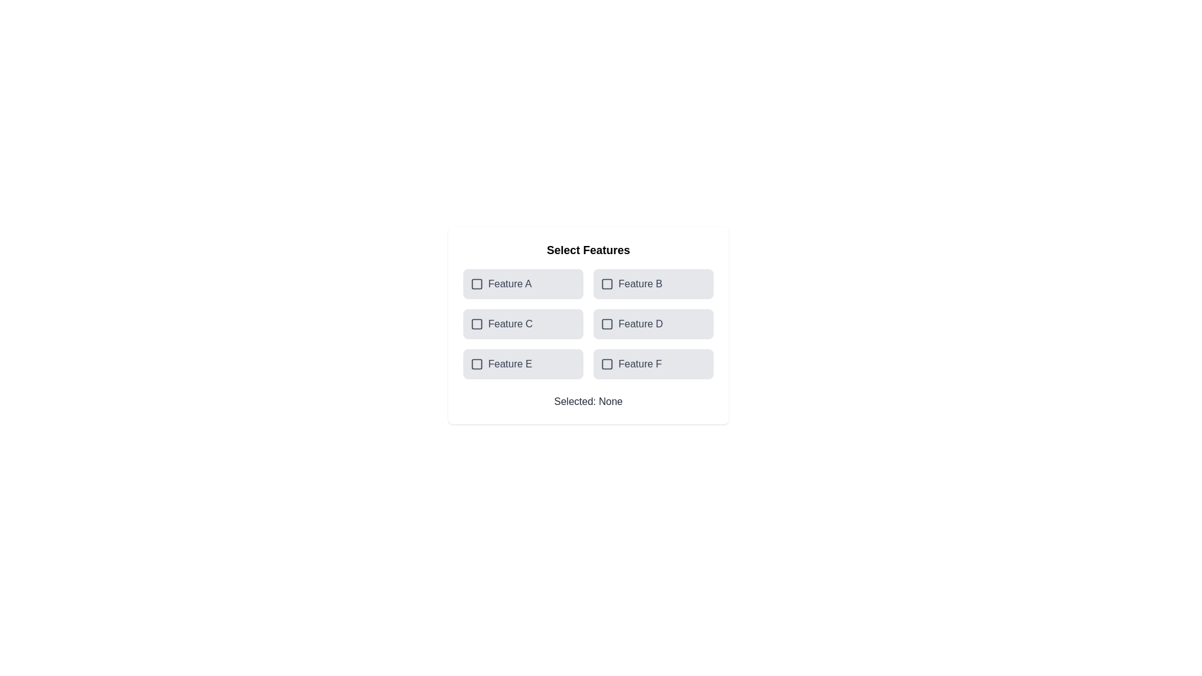 The height and width of the screenshot is (676, 1202). I want to click on the hollow square checkbox located next to 'Feature D', so click(607, 323).